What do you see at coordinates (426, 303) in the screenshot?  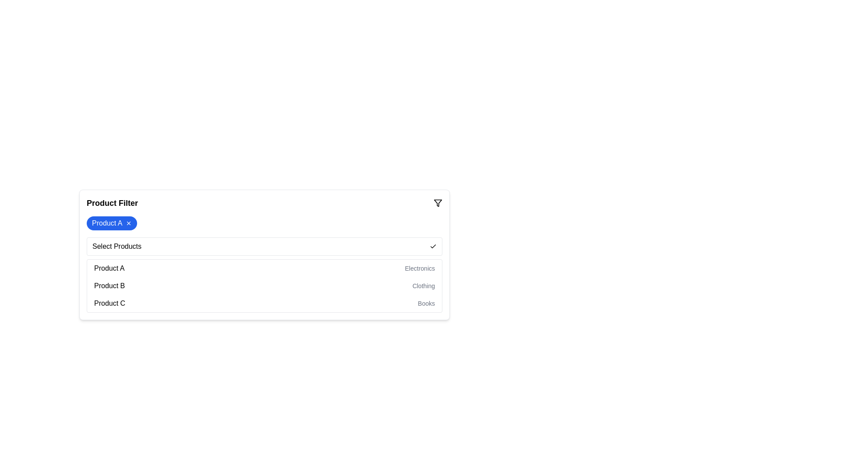 I see `the text label that displays 'Books', which is styled in gray color and located to the right of 'Product C'` at bounding box center [426, 303].